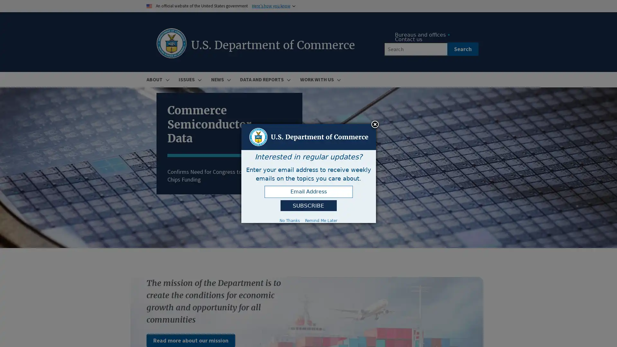  Describe the element at coordinates (375, 125) in the screenshot. I see `Close subscription dialog` at that location.